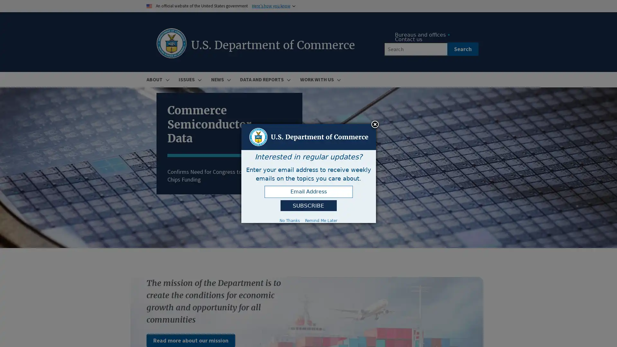  Describe the element at coordinates (375, 125) in the screenshot. I see `Close subscription dialog` at that location.